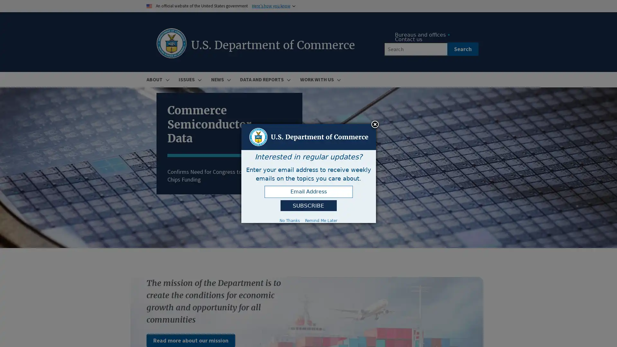  Describe the element at coordinates (375, 125) in the screenshot. I see `Close subscription dialog` at that location.